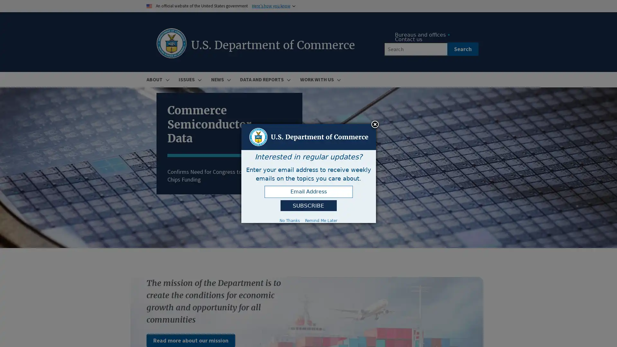  Describe the element at coordinates (375, 125) in the screenshot. I see `Close subscription dialog` at that location.